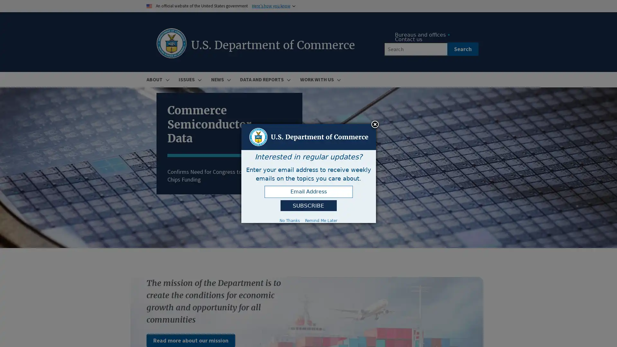  Describe the element at coordinates (375, 125) in the screenshot. I see `Close subscription dialog` at that location.